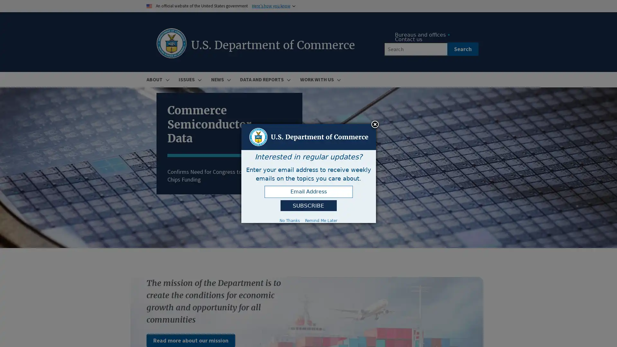  Describe the element at coordinates (375, 125) in the screenshot. I see `Close subscription dialog` at that location.